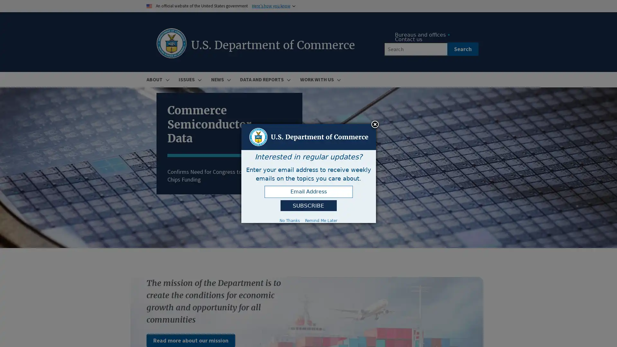  Describe the element at coordinates (375, 125) in the screenshot. I see `Close subscription dialog` at that location.